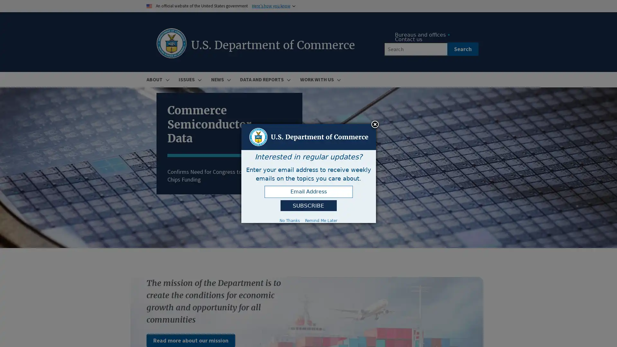  Describe the element at coordinates (375, 125) in the screenshot. I see `Close subscription dialog` at that location.